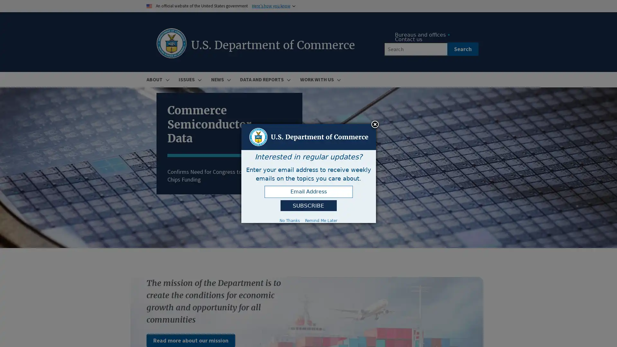  Describe the element at coordinates (375, 125) in the screenshot. I see `Close subscription dialog` at that location.